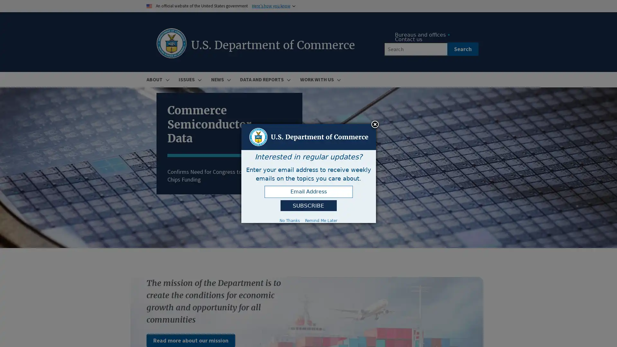  Describe the element at coordinates (375, 125) in the screenshot. I see `Close subscription dialog` at that location.